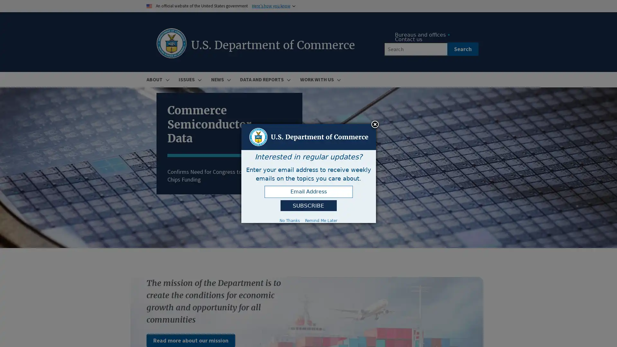  Describe the element at coordinates (375, 125) in the screenshot. I see `Close subscription dialog` at that location.